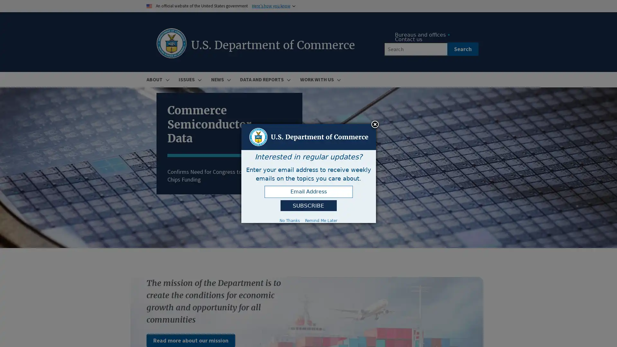  Describe the element at coordinates (375, 125) in the screenshot. I see `Close subscription dialog` at that location.